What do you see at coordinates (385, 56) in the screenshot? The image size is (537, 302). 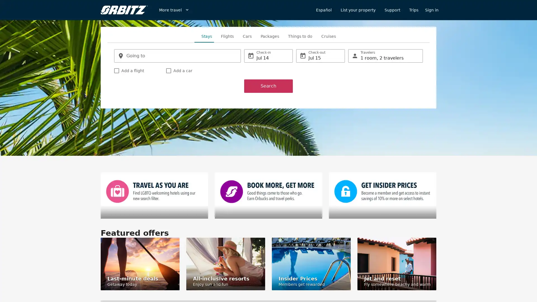 I see `1 room, 2 travelers` at bounding box center [385, 56].